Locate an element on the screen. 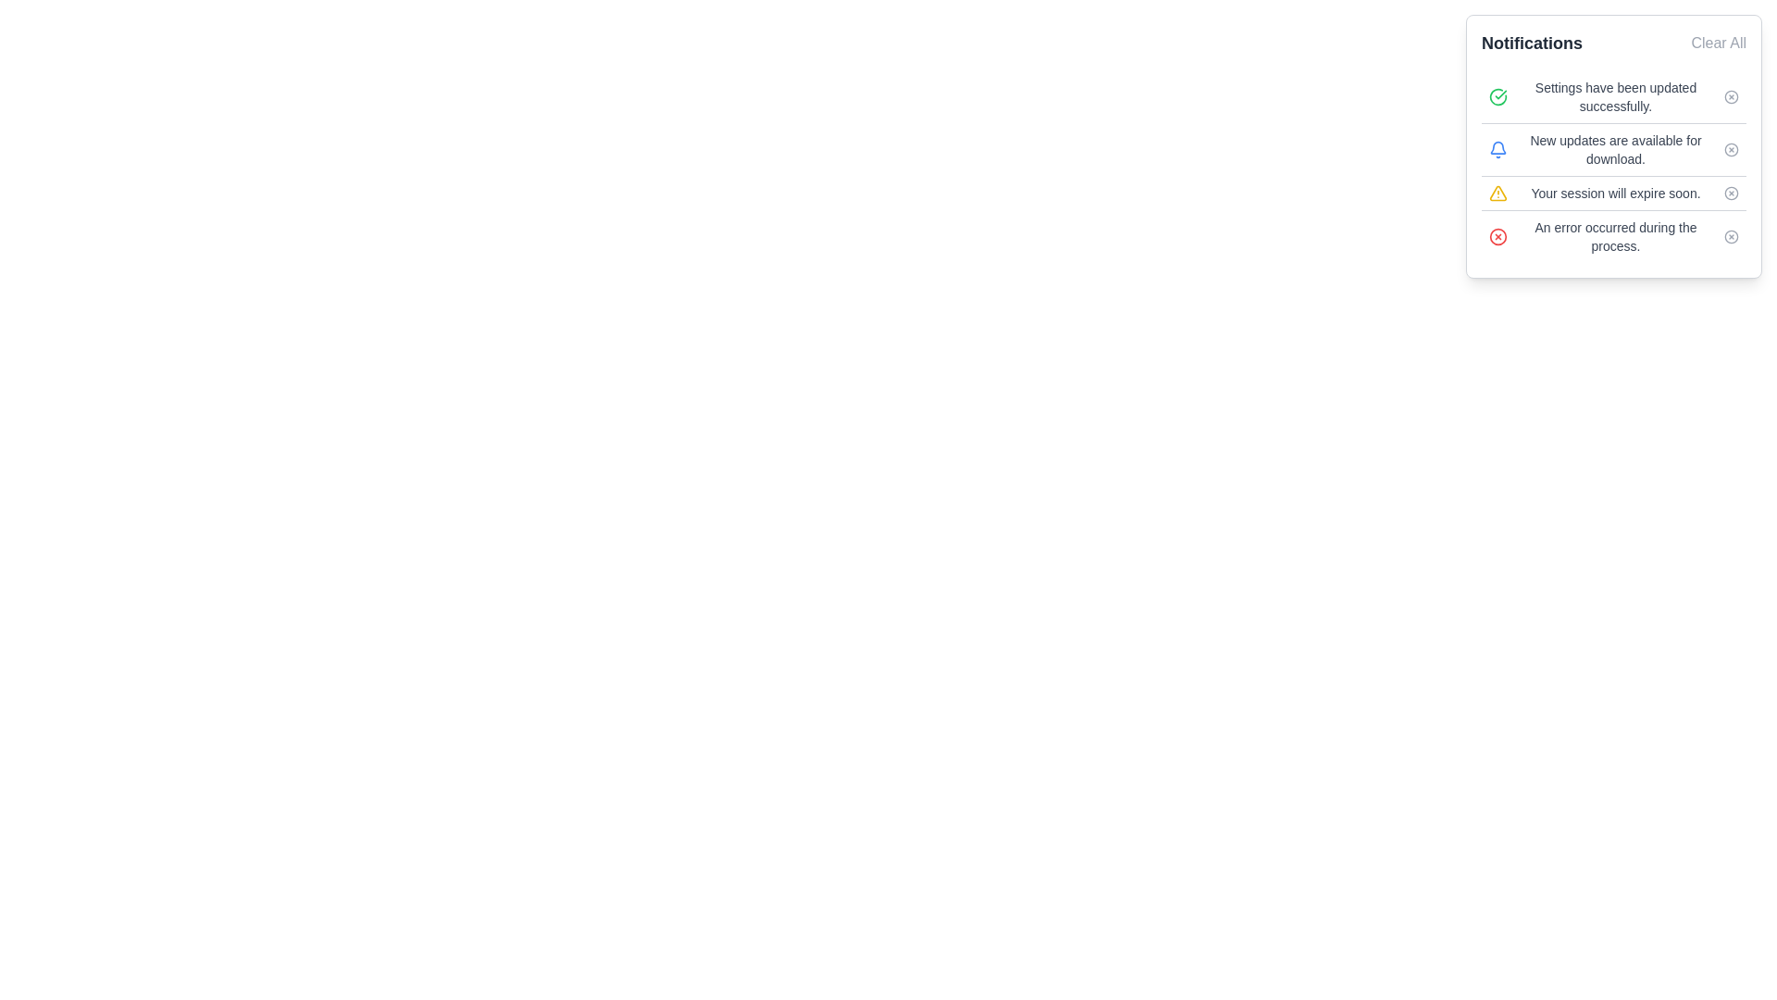  the circular graphic component within the notification icon, which is part of a list containing a cross mark (X) is located at coordinates (1731, 149).